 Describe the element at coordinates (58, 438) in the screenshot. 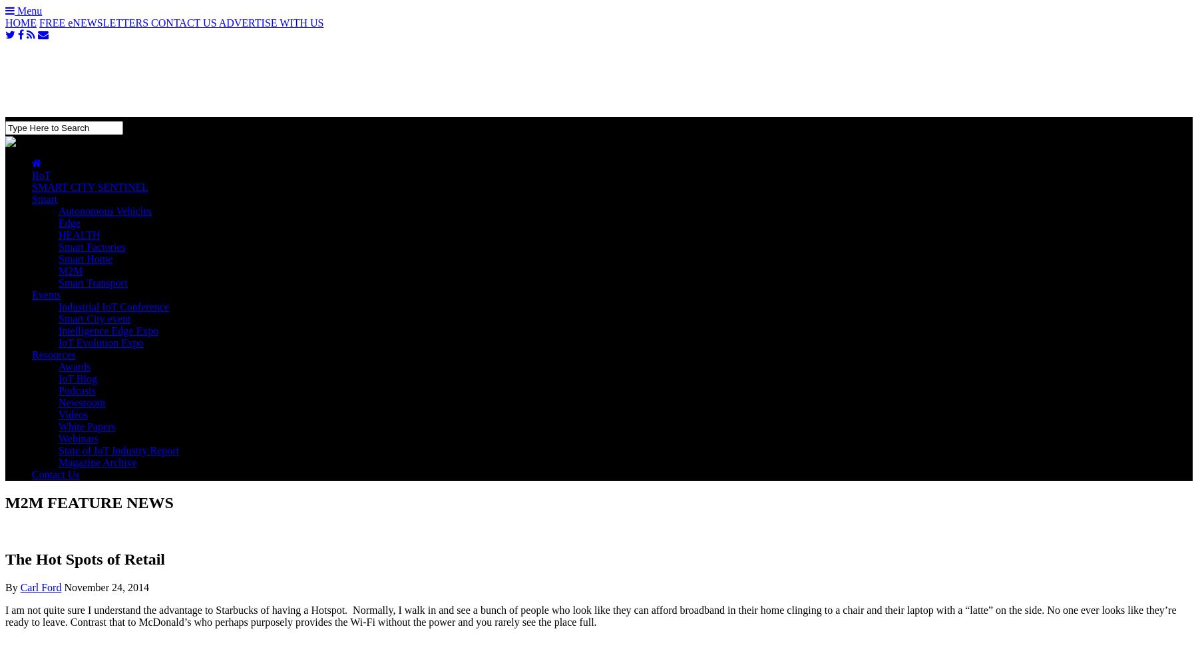

I see `'Webinars'` at that location.